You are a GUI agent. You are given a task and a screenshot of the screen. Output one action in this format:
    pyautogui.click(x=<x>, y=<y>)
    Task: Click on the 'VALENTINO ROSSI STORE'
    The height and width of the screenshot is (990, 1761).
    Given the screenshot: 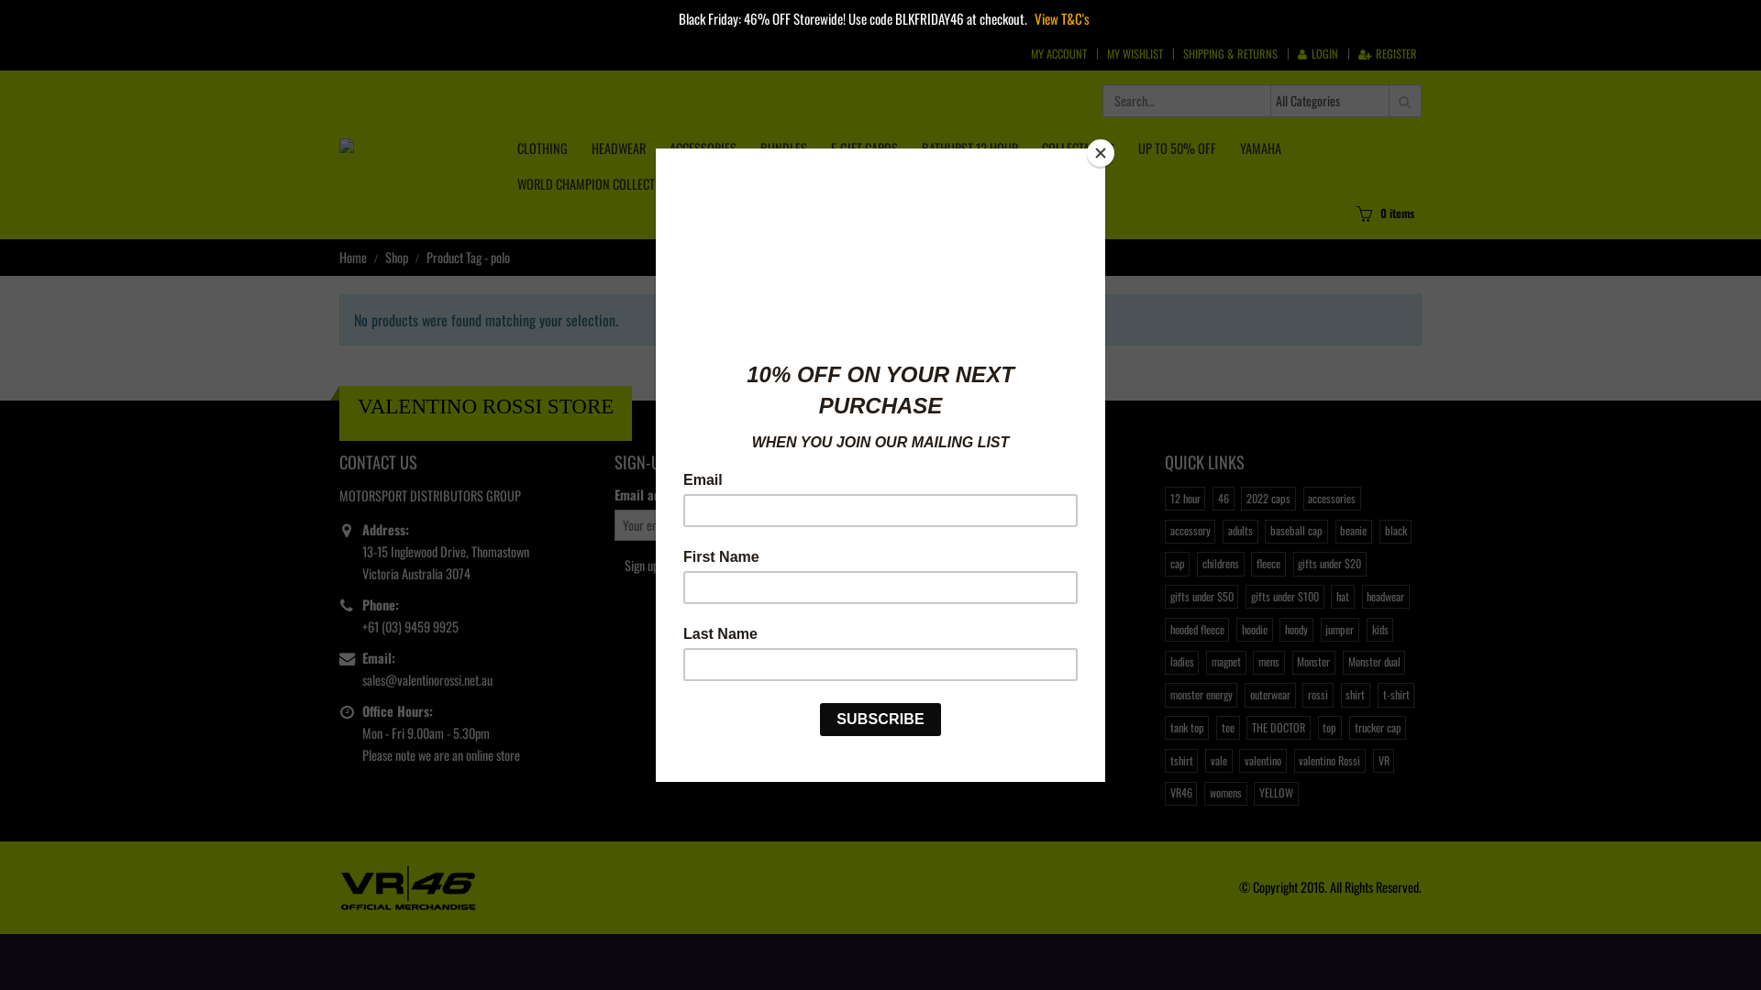 What is the action you would take?
    pyautogui.click(x=485, y=405)
    